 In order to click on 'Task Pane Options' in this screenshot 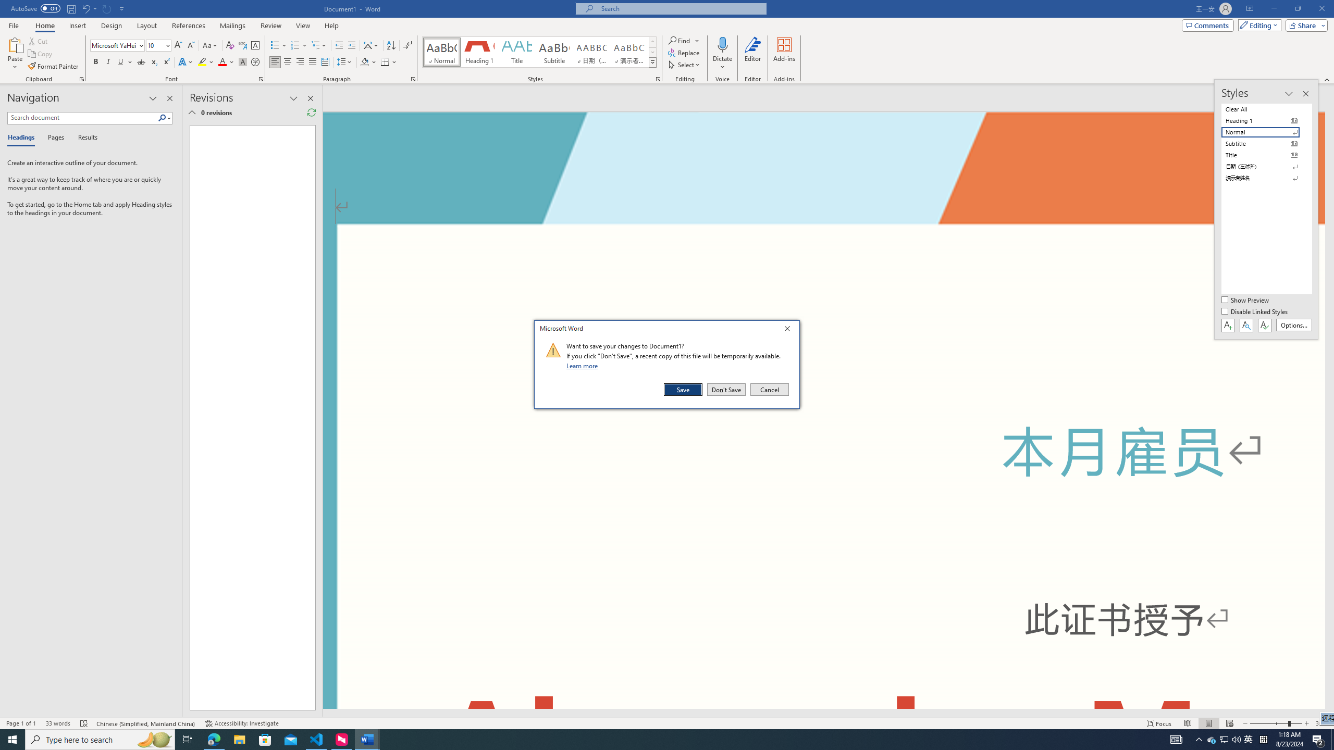, I will do `click(153, 98)`.